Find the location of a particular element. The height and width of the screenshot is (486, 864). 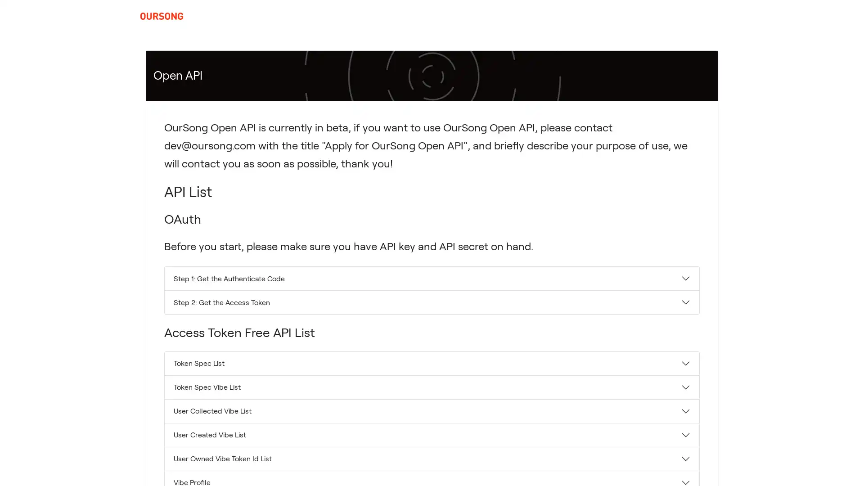

User Owned Vibe Token Id List is located at coordinates (432, 458).